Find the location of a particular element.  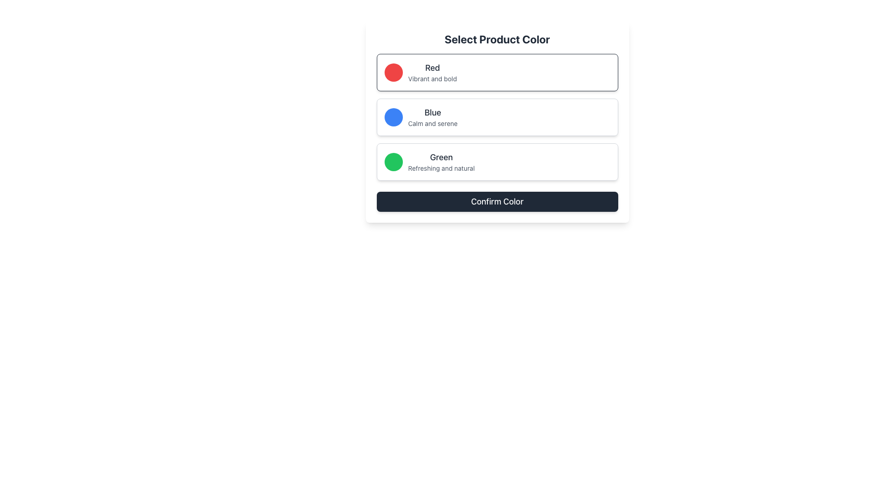

the descriptive text that elaborates on the characteristics of the 'Green' color option, located directly under the main title 'Green' within the third selectable color option column is located at coordinates (441, 168).